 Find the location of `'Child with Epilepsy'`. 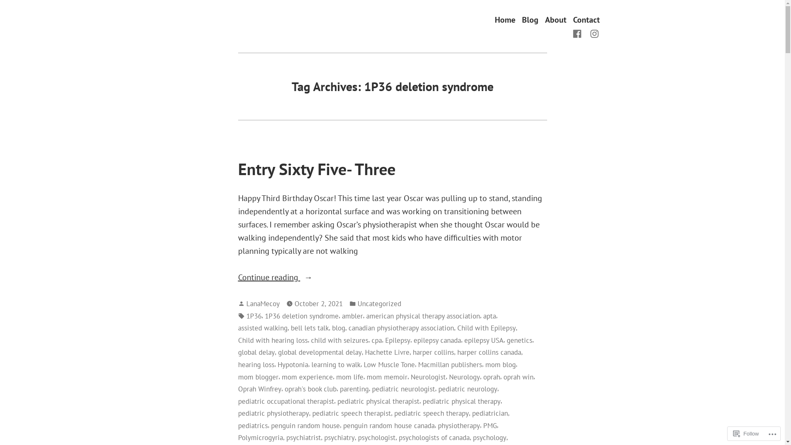

'Child with Epilepsy' is located at coordinates (456, 327).